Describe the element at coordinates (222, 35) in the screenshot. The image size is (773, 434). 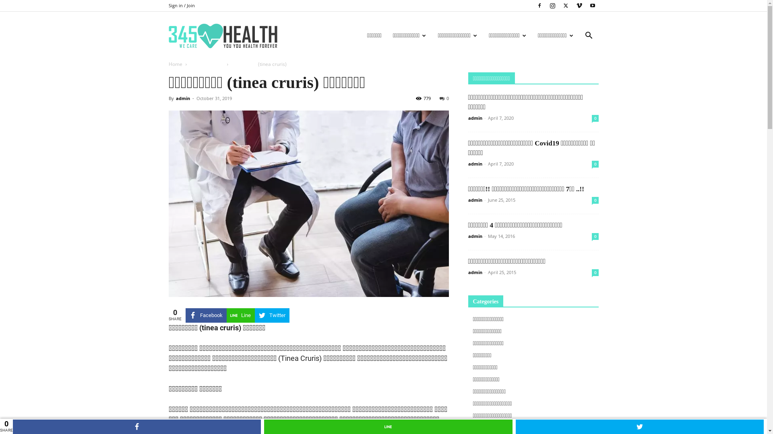
I see `'345Health'` at that location.